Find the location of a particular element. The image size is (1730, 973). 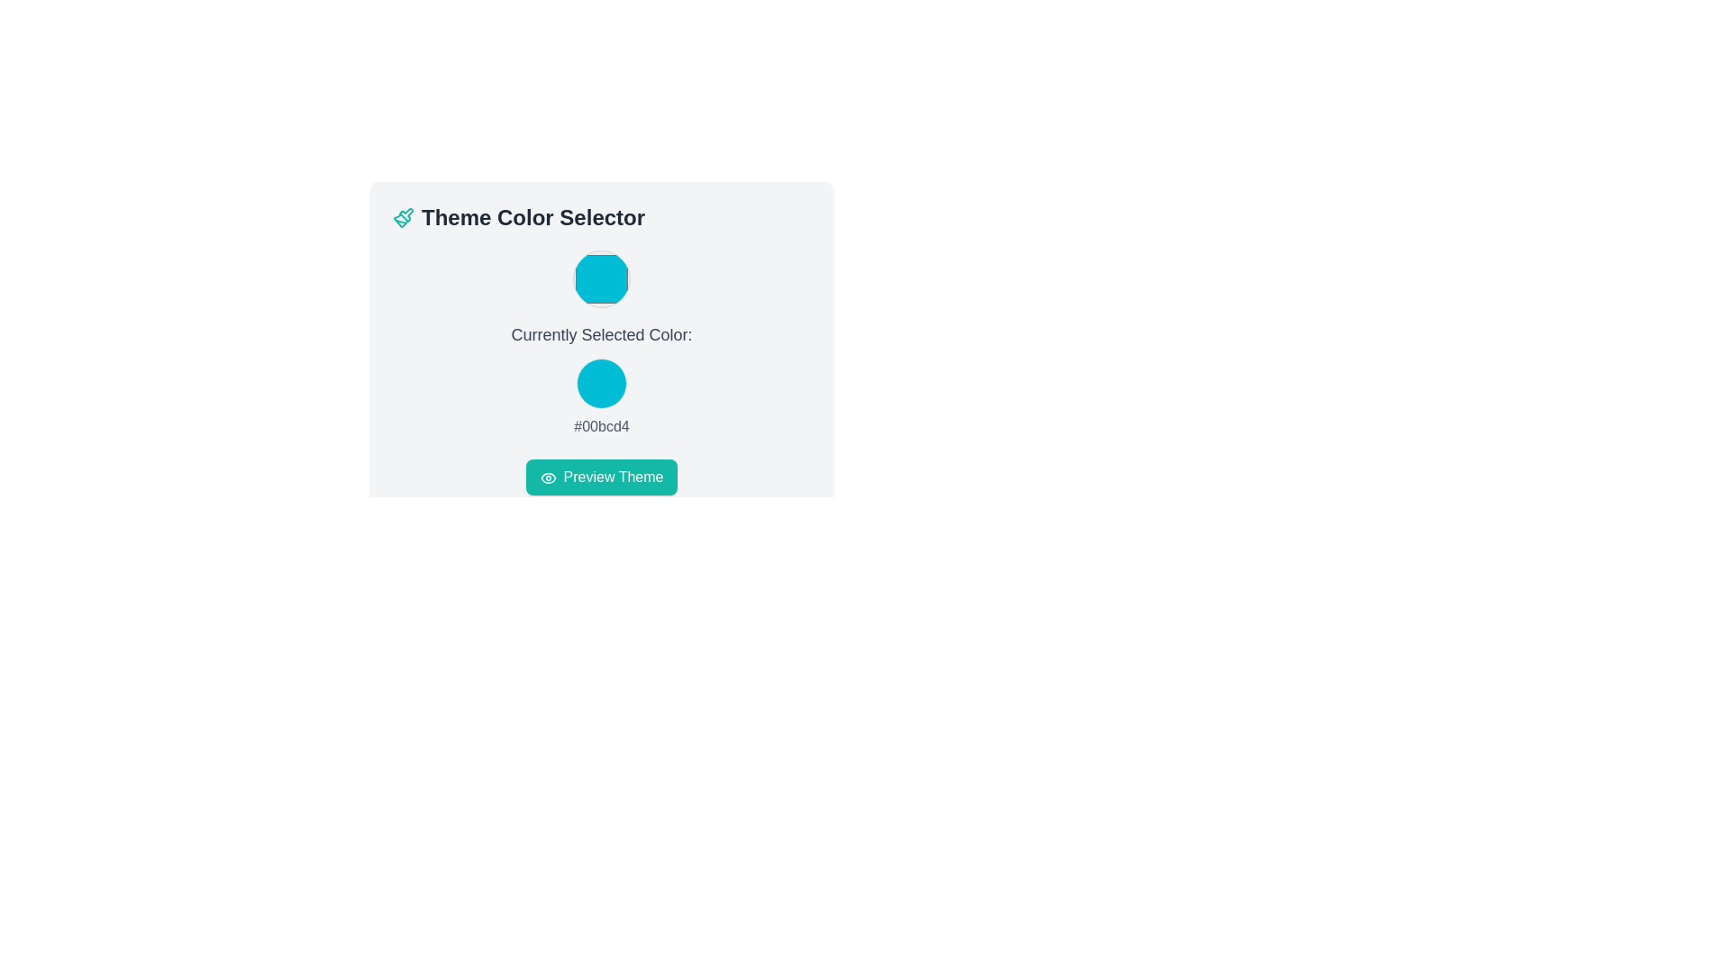

the teal 'Preview Theme' button located at the bottom of the 'Theme Color Selector' area is located at coordinates (601, 476).